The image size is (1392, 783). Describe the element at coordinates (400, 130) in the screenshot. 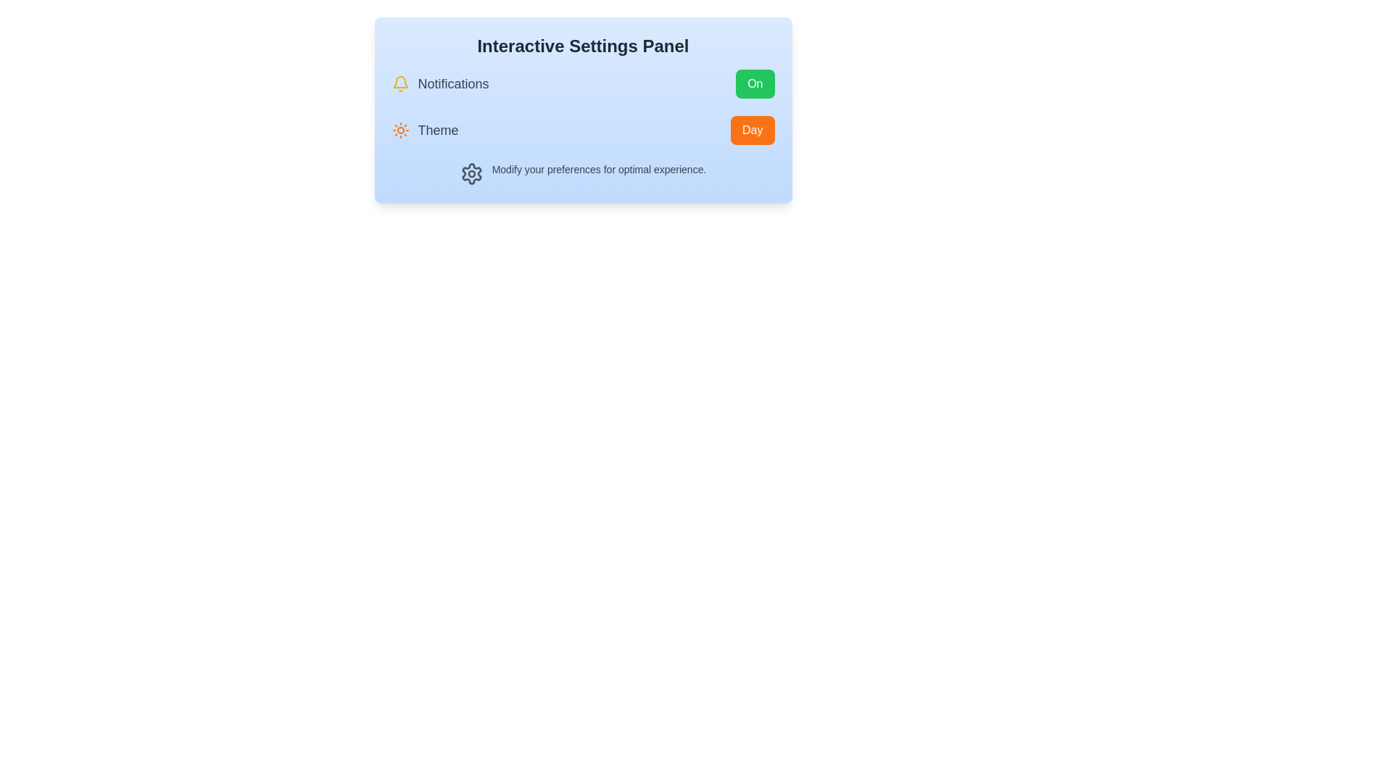

I see `the 'Day' theme icon located in the 'Theme' section, which is positioned to the left of the 'Theme' text label` at that location.